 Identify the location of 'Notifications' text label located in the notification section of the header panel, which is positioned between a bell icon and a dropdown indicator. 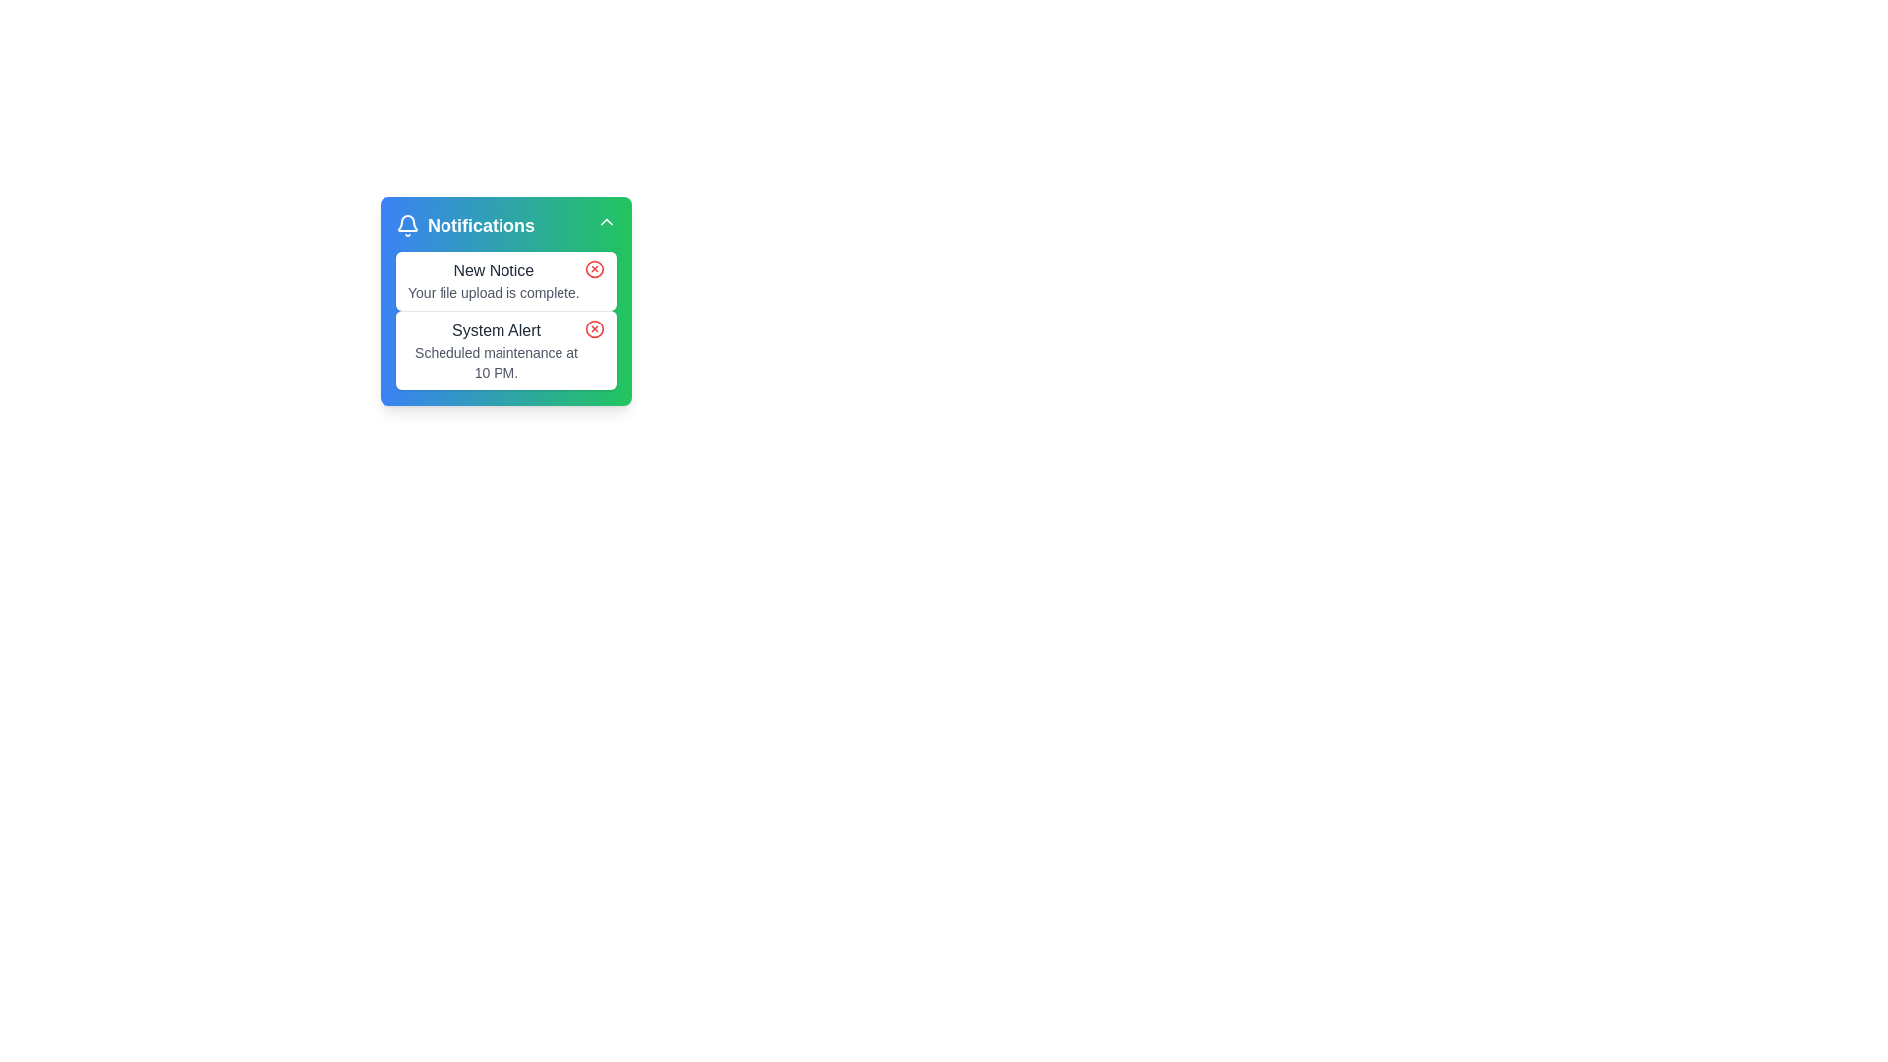
(481, 225).